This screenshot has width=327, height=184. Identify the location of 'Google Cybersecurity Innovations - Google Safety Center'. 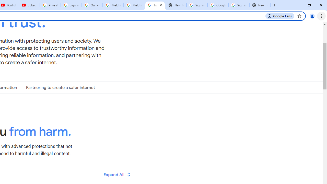
(218, 5).